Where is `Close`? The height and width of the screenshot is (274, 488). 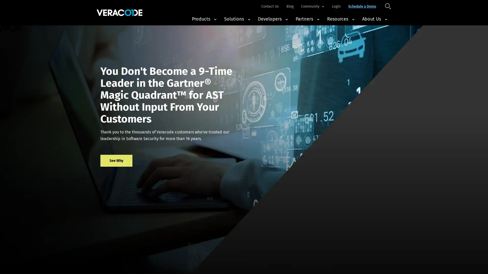
Close is located at coordinates (479, 254).